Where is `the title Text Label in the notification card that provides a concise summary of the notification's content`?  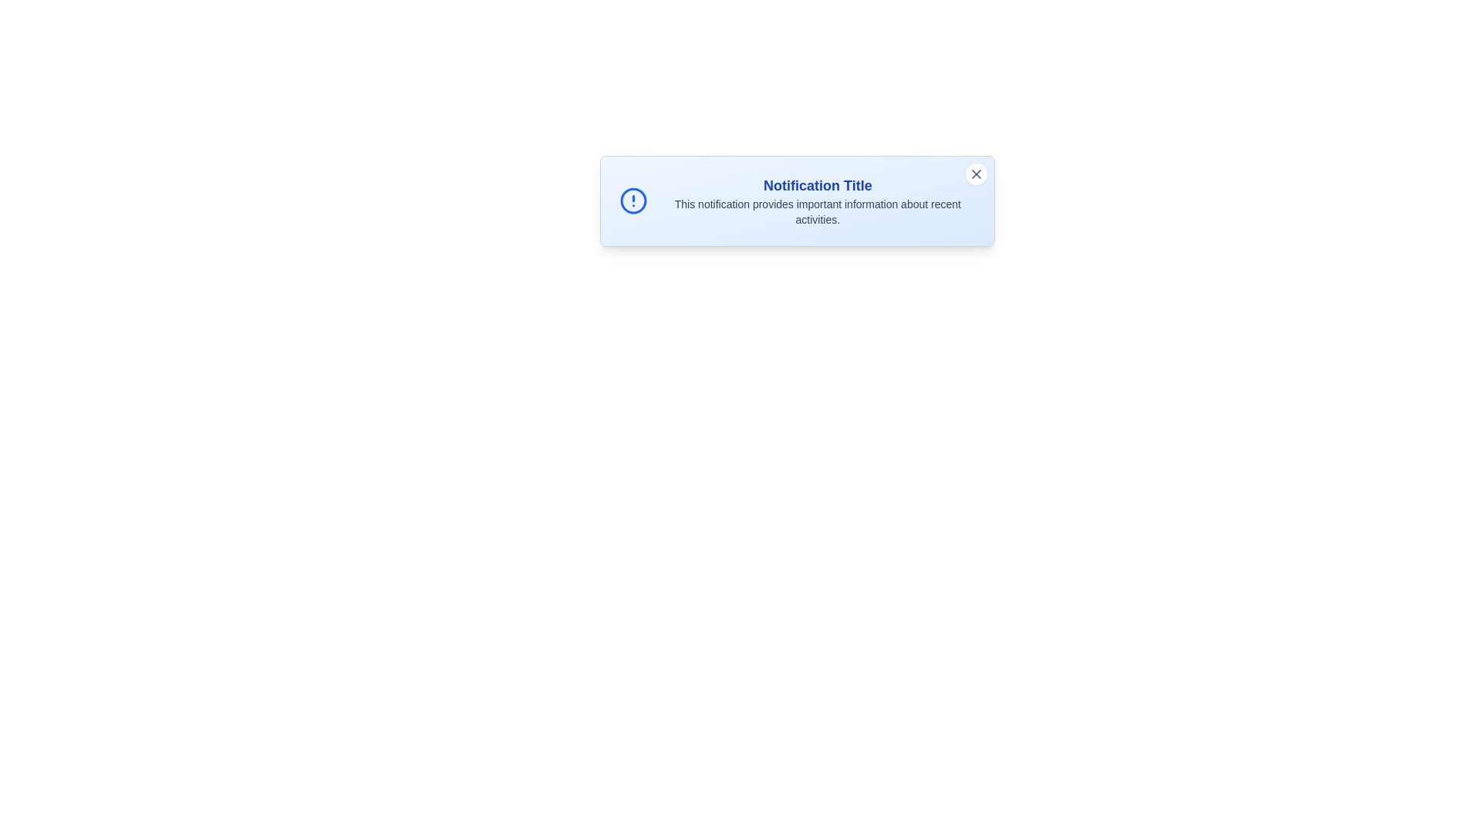
the title Text Label in the notification card that provides a concise summary of the notification's content is located at coordinates (817, 184).